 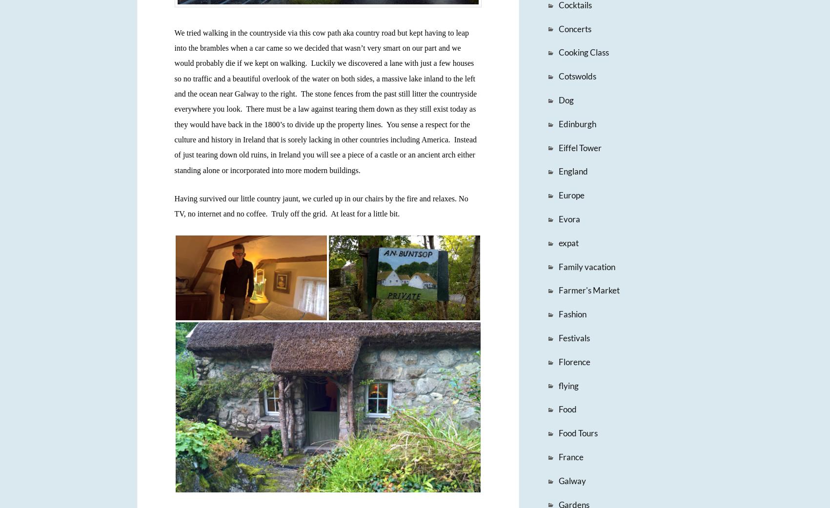 What do you see at coordinates (571, 314) in the screenshot?
I see `'Fashion'` at bounding box center [571, 314].